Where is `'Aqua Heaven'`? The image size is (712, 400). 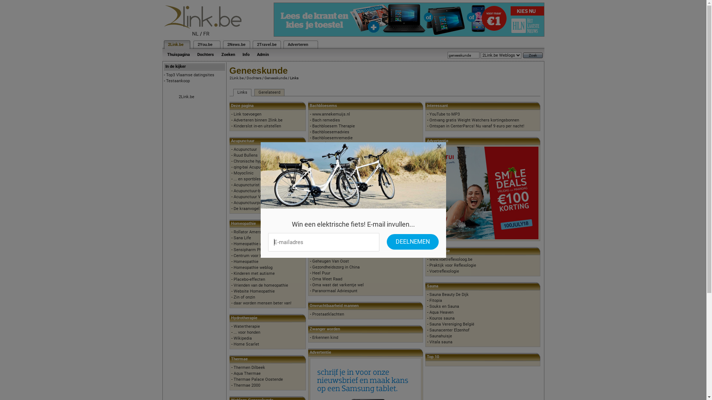
'Aqua Heaven' is located at coordinates (429, 312).